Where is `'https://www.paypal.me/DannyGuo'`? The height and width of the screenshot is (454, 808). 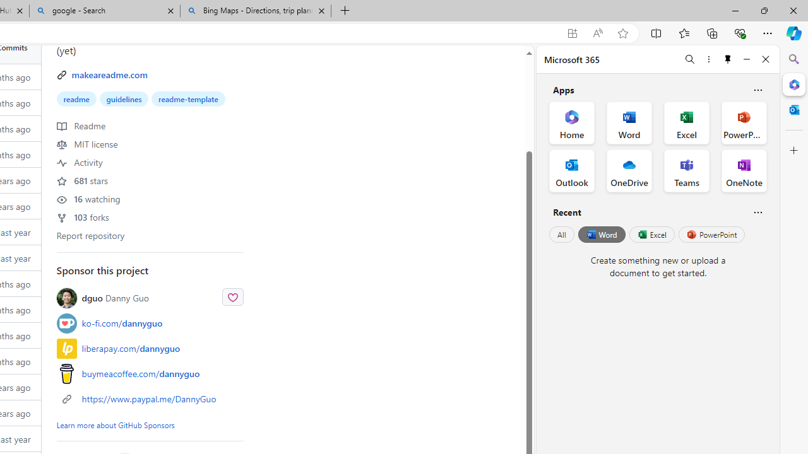
'https://www.paypal.me/DannyGuo' is located at coordinates (150, 399).